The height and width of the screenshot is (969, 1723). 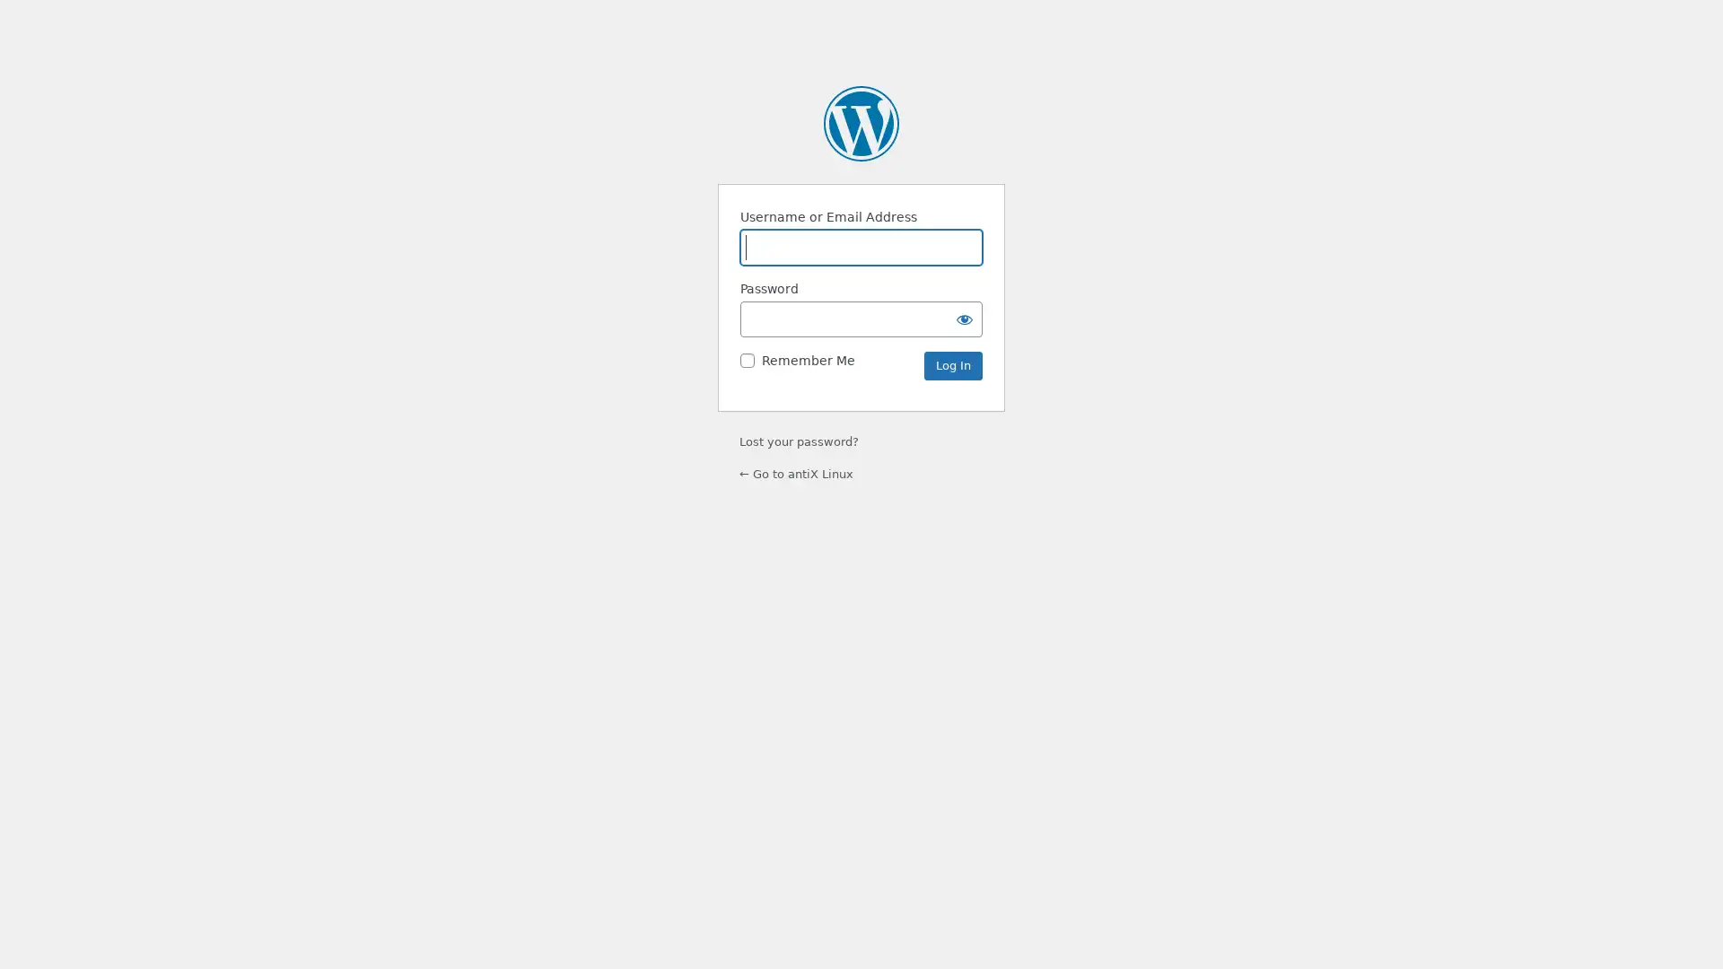 What do you see at coordinates (952, 365) in the screenshot?
I see `Log In` at bounding box center [952, 365].